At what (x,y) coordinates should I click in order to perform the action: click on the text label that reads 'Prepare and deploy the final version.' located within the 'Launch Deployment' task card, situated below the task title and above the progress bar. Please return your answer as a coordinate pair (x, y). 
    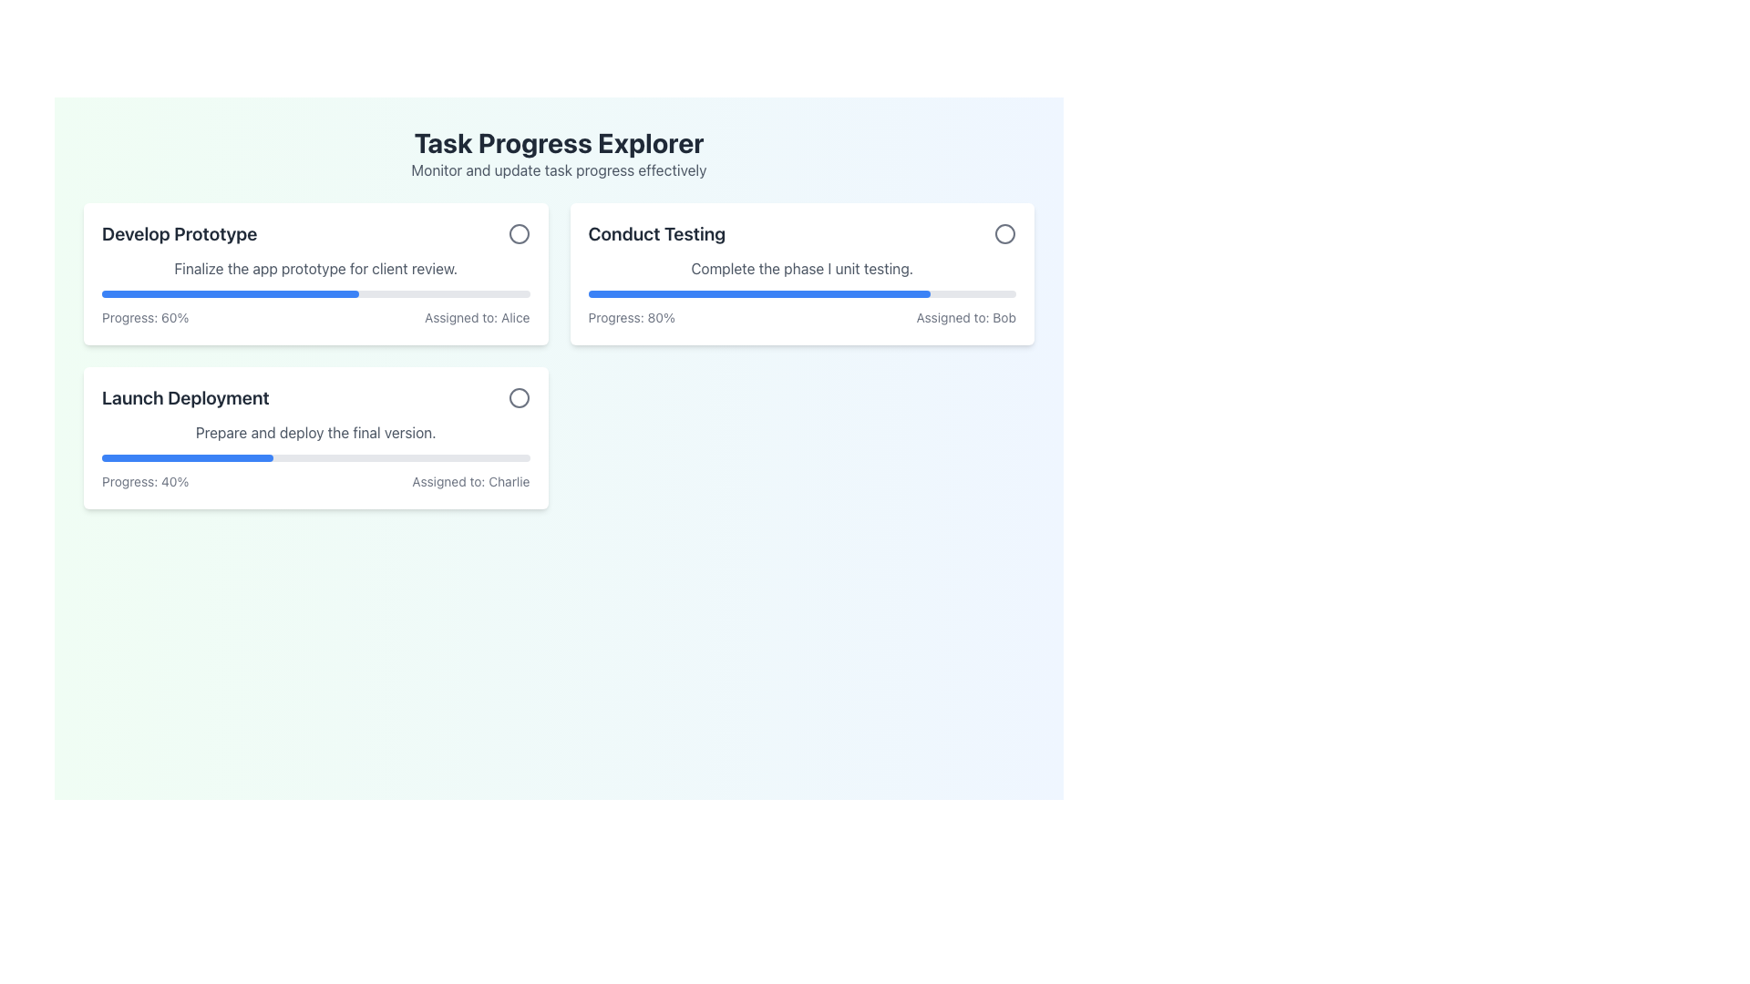
    Looking at the image, I should click on (315, 432).